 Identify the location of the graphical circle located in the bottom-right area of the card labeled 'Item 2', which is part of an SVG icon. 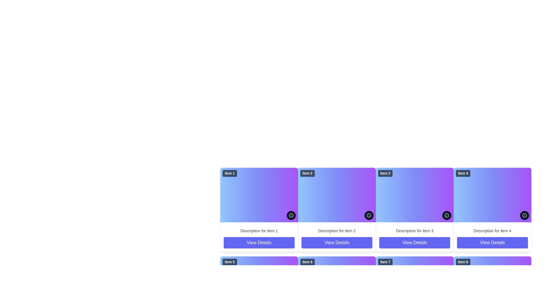
(291, 215).